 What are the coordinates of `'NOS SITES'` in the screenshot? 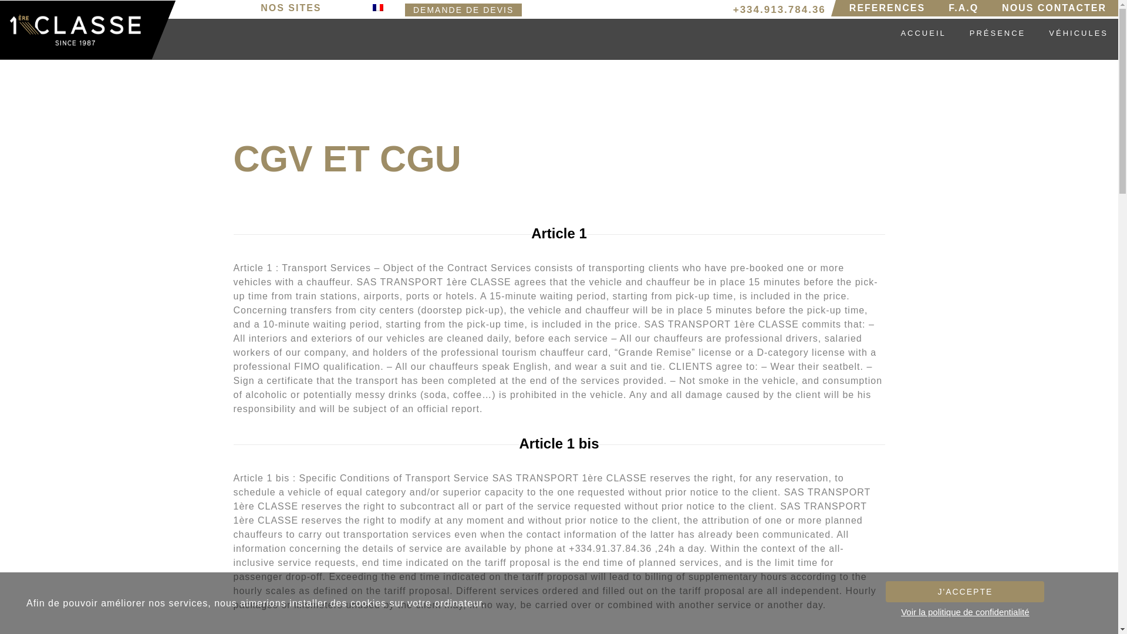 It's located at (293, 8).